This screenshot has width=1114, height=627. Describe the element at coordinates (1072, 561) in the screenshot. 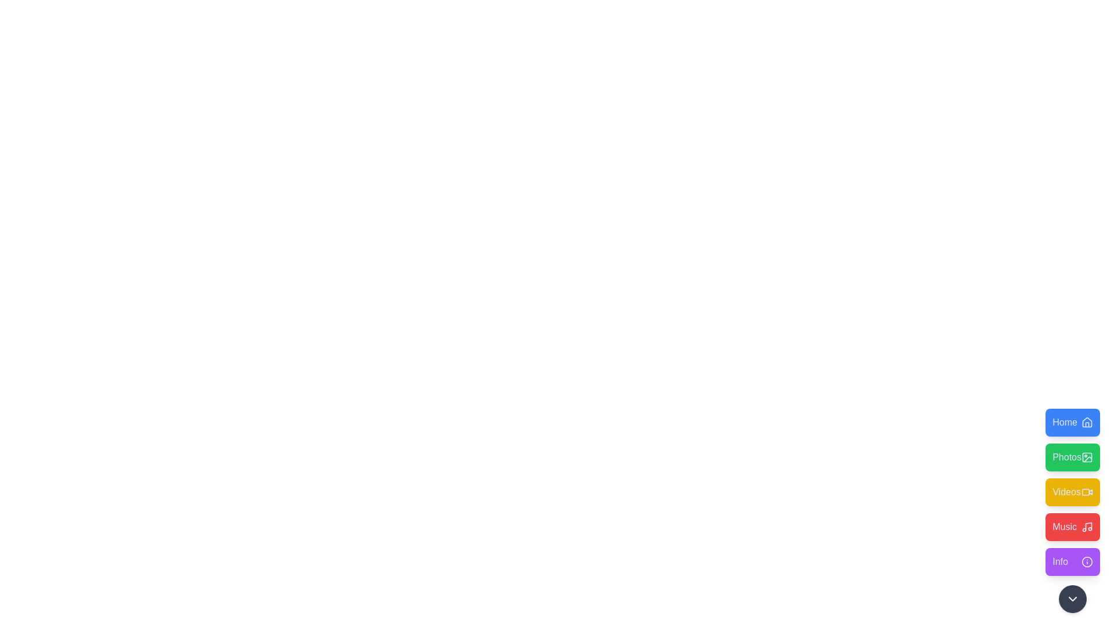

I see `the Info button to trigger its action` at that location.